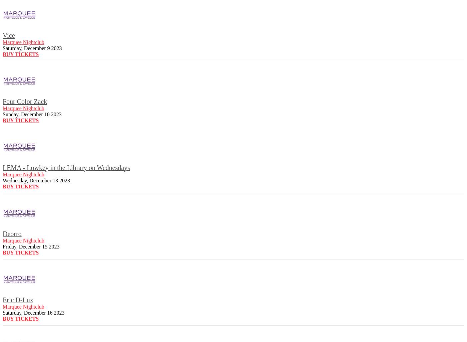 The height and width of the screenshot is (342, 467). Describe the element at coordinates (66, 167) in the screenshot. I see `'LEMA - Lowkey in the Library on Wednesdays'` at that location.